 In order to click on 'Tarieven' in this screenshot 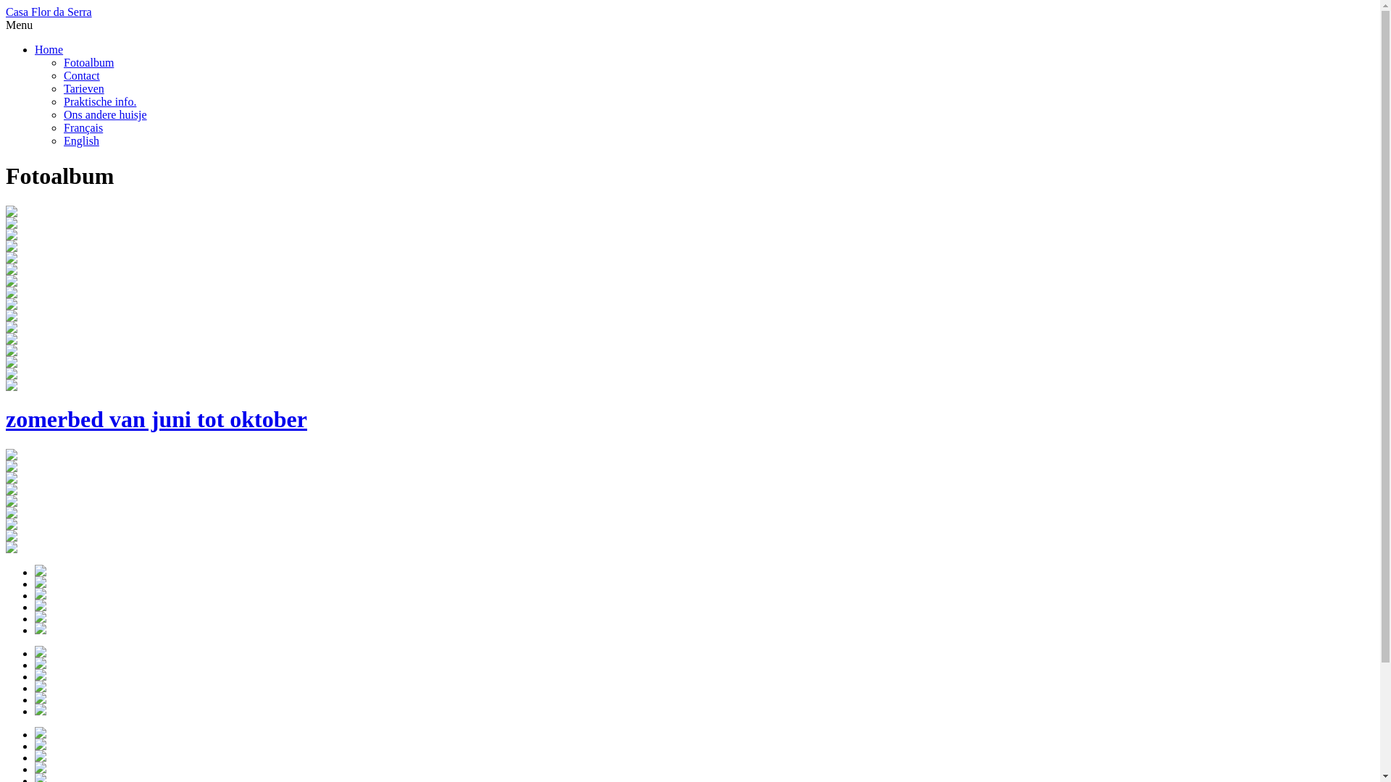, I will do `click(83, 88)`.